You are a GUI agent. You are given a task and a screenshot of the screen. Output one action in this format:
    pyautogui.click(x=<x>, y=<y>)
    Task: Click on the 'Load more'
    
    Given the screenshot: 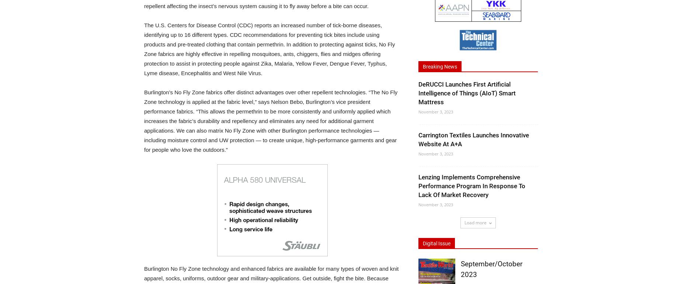 What is the action you would take?
    pyautogui.click(x=475, y=222)
    